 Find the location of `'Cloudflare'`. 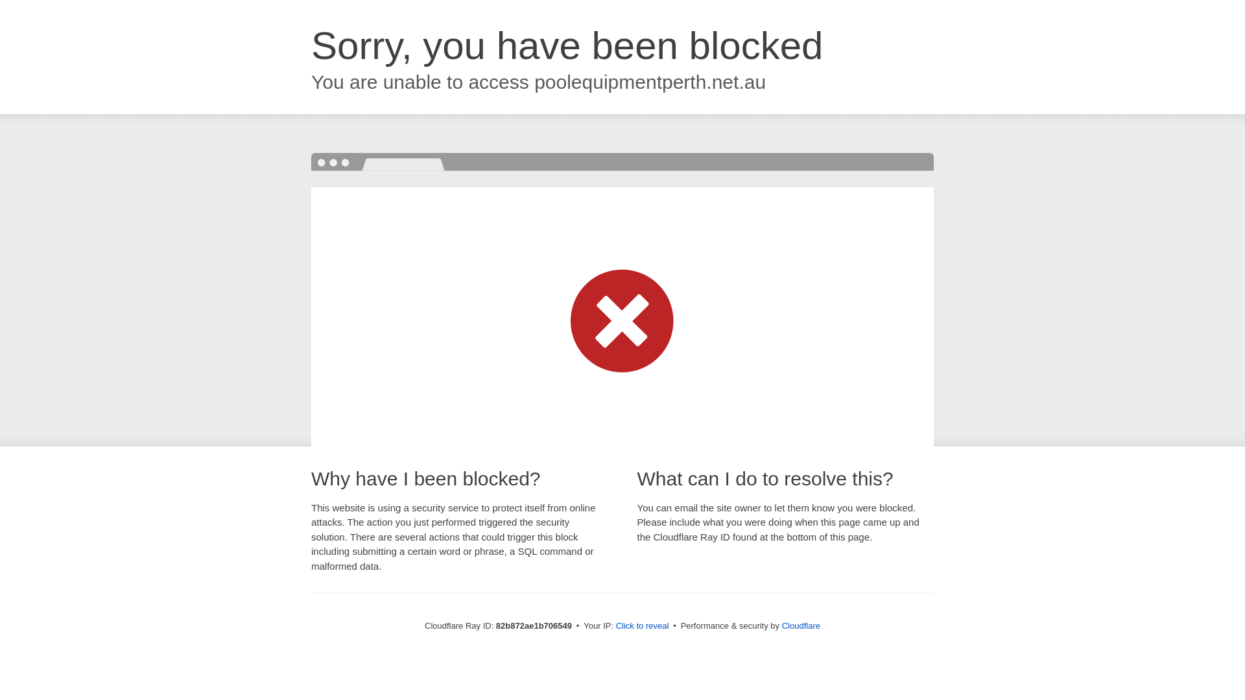

'Cloudflare' is located at coordinates (800, 625).